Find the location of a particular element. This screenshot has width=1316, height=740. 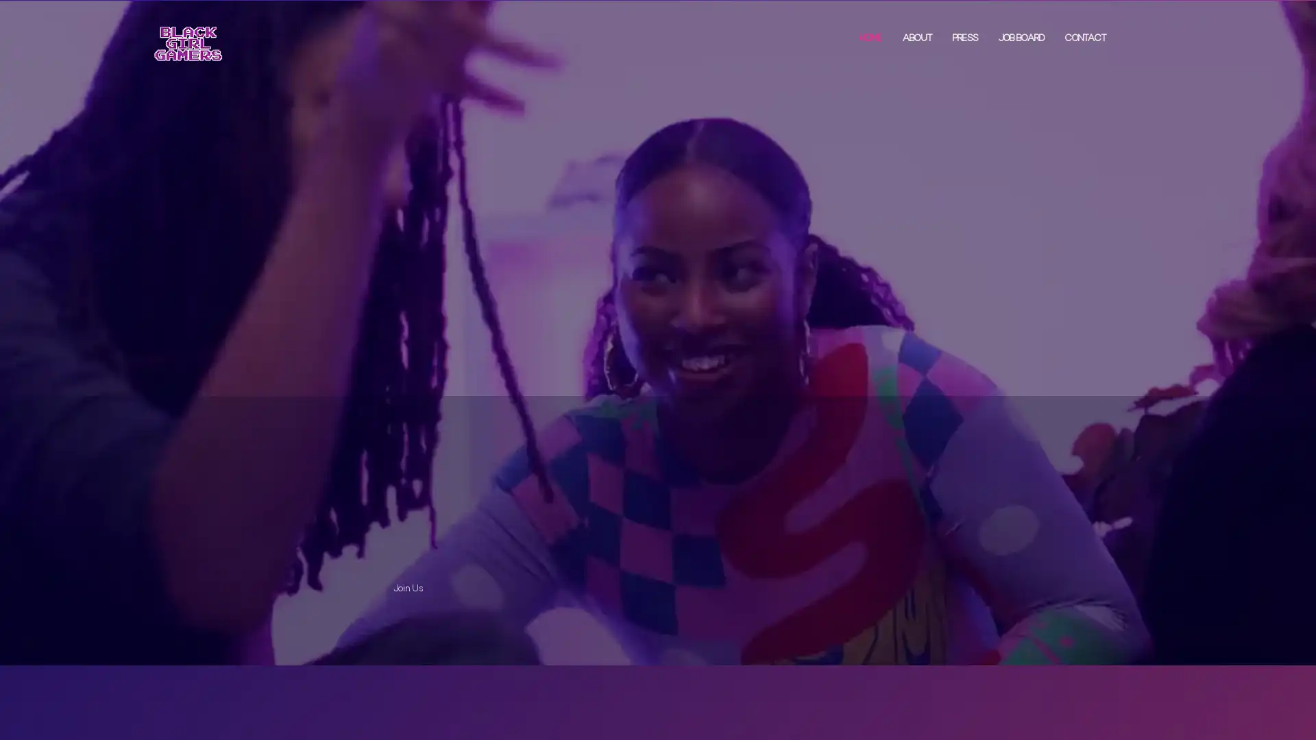

Settings is located at coordinates (1195, 717).